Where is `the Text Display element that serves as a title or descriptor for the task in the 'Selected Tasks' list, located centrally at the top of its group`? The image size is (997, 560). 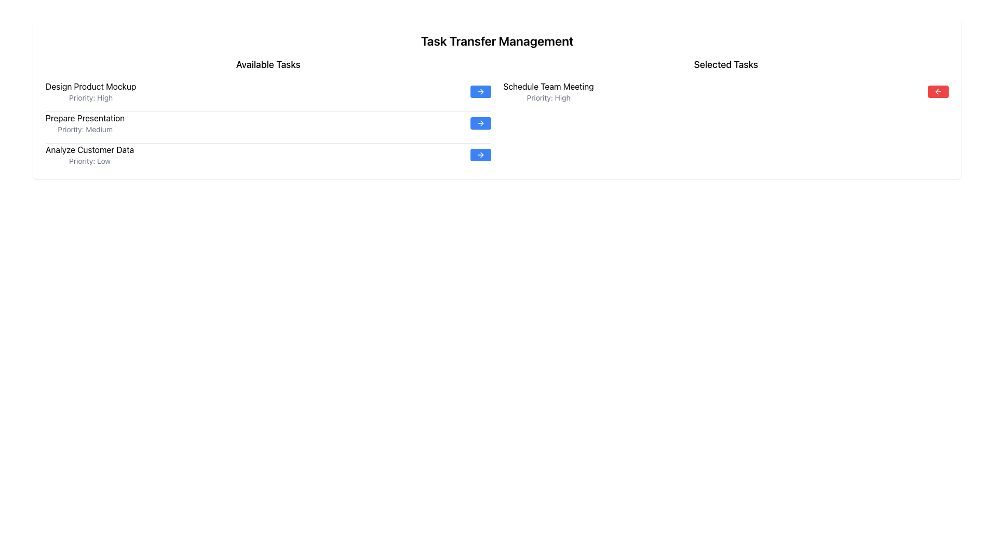 the Text Display element that serves as a title or descriptor for the task in the 'Selected Tasks' list, located centrally at the top of its group is located at coordinates (548, 86).